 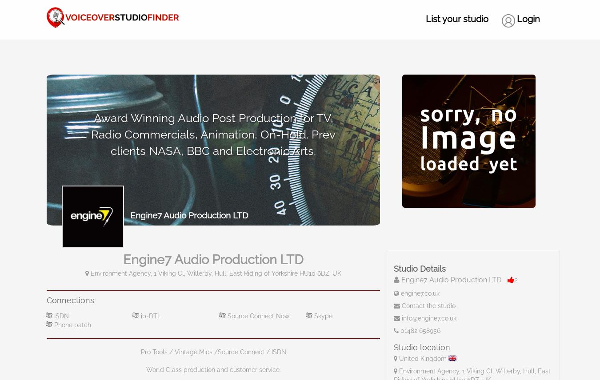 What do you see at coordinates (457, 31) in the screenshot?
I see `'List your studio'` at bounding box center [457, 31].